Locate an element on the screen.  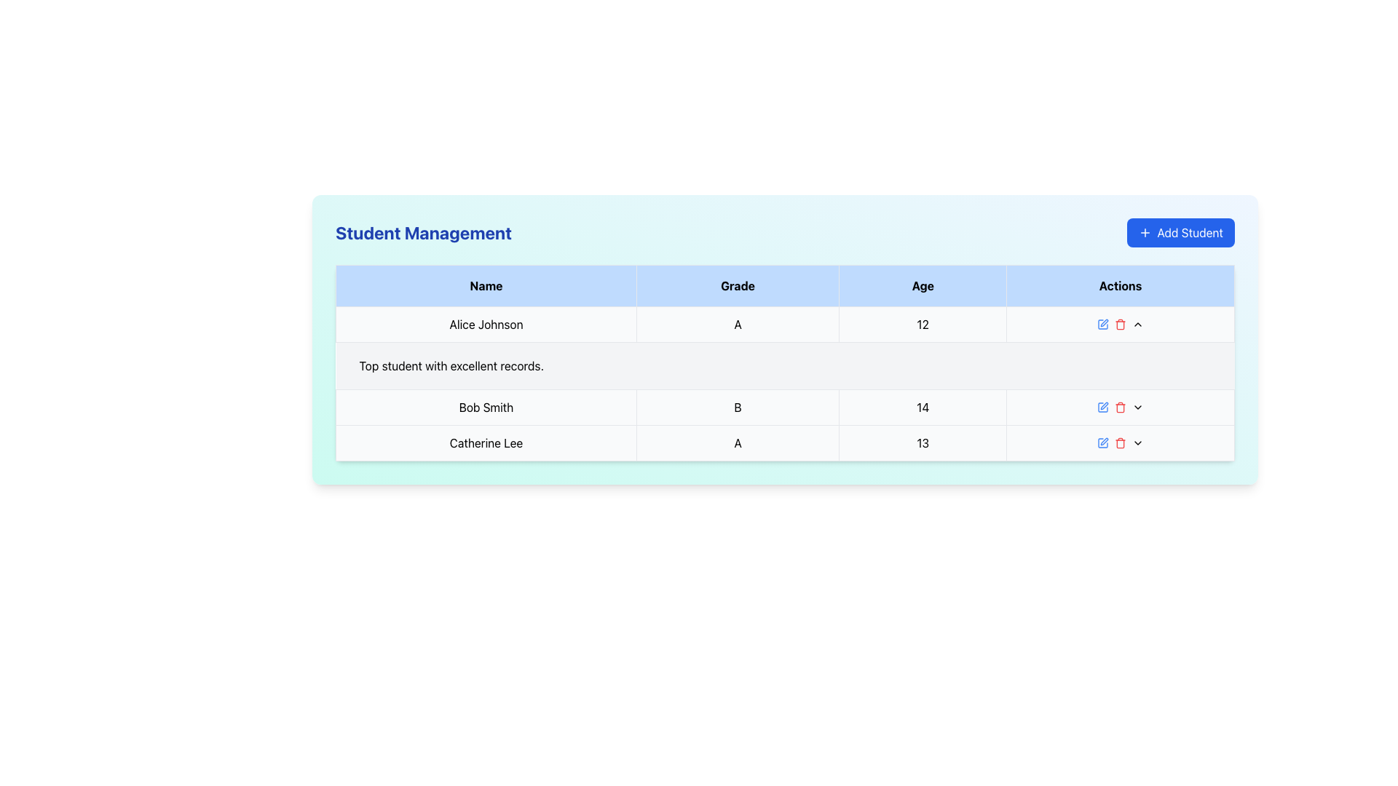
the 'Edit' button in the 'Actions' column of the first row is located at coordinates (1103, 324).